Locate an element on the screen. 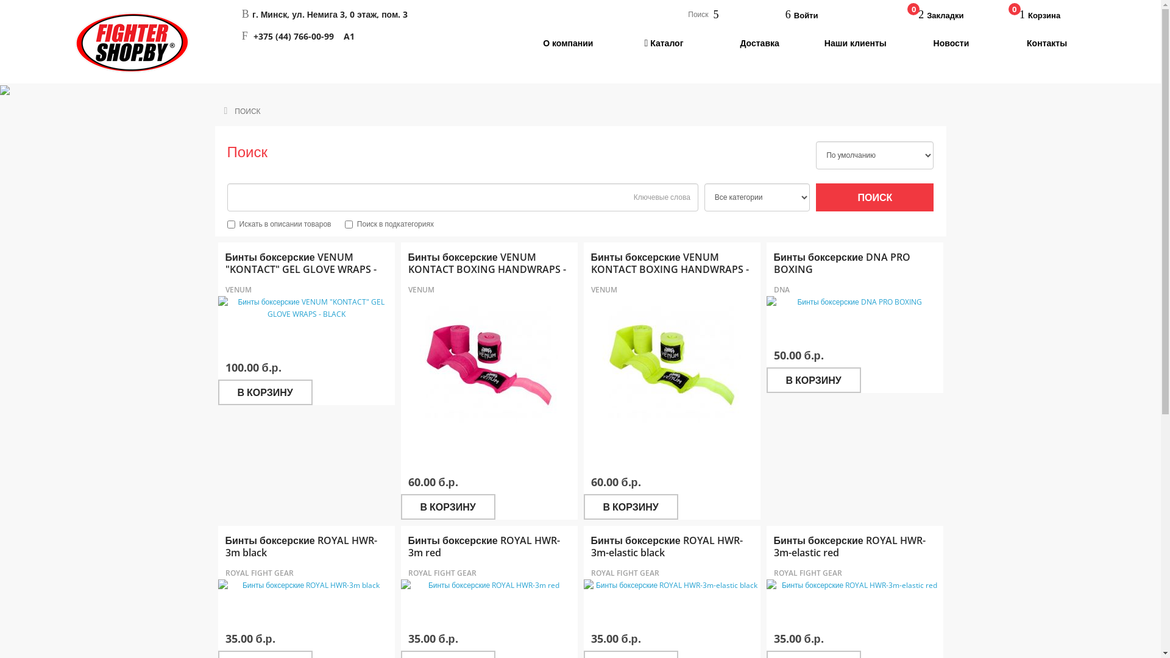 Image resolution: width=1170 pixels, height=658 pixels. 'VENUM' is located at coordinates (421, 289).